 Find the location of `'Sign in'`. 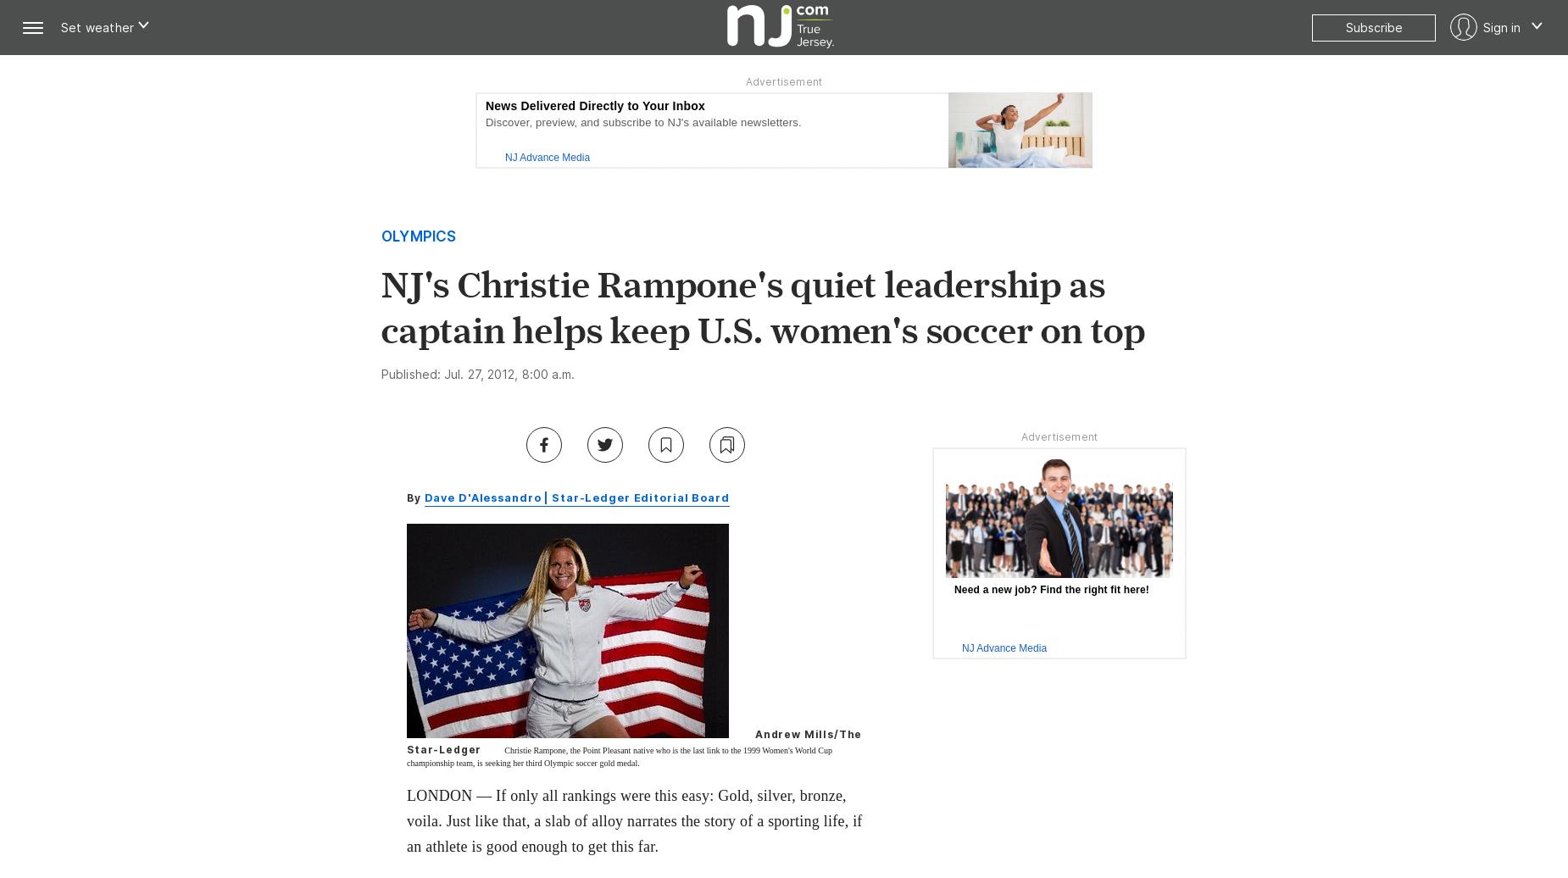

'Sign in' is located at coordinates (1501, 26).